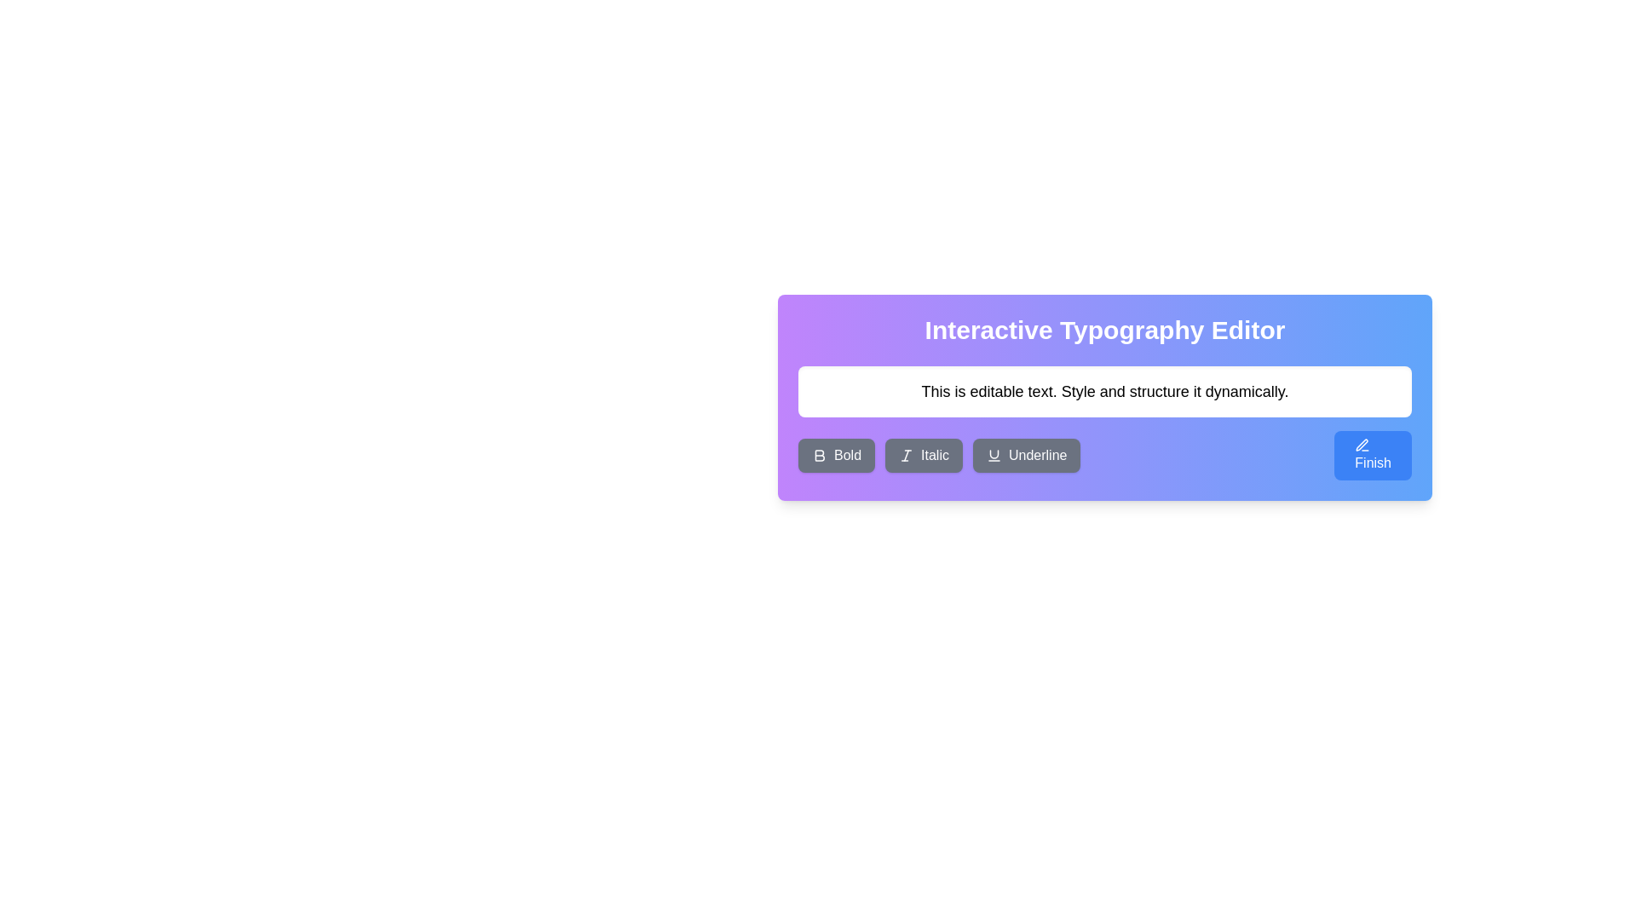 The height and width of the screenshot is (920, 1636). Describe the element at coordinates (938, 455) in the screenshot. I see `the 'Italic' button, which is the second button in a horizontal sequence of three buttons labeled 'Bold,' 'Italic,' and 'Underline', located below the text input field to apply italic styling to the selected text` at that location.